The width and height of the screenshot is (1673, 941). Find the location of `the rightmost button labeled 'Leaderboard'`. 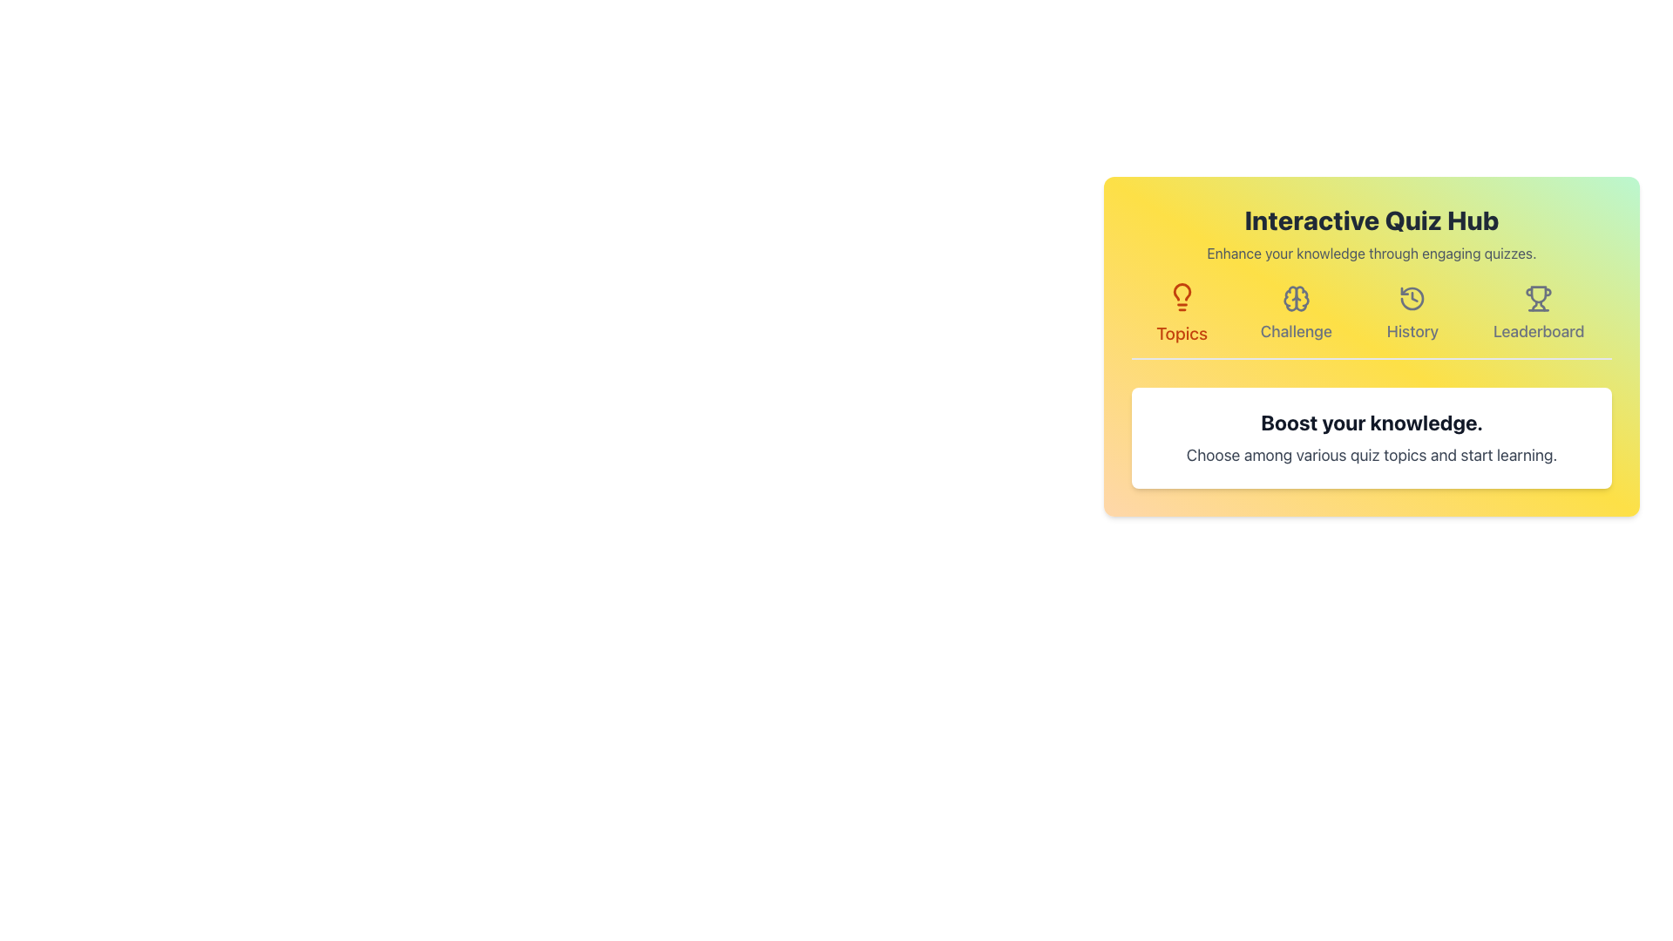

the rightmost button labeled 'Leaderboard' is located at coordinates (1539, 315).